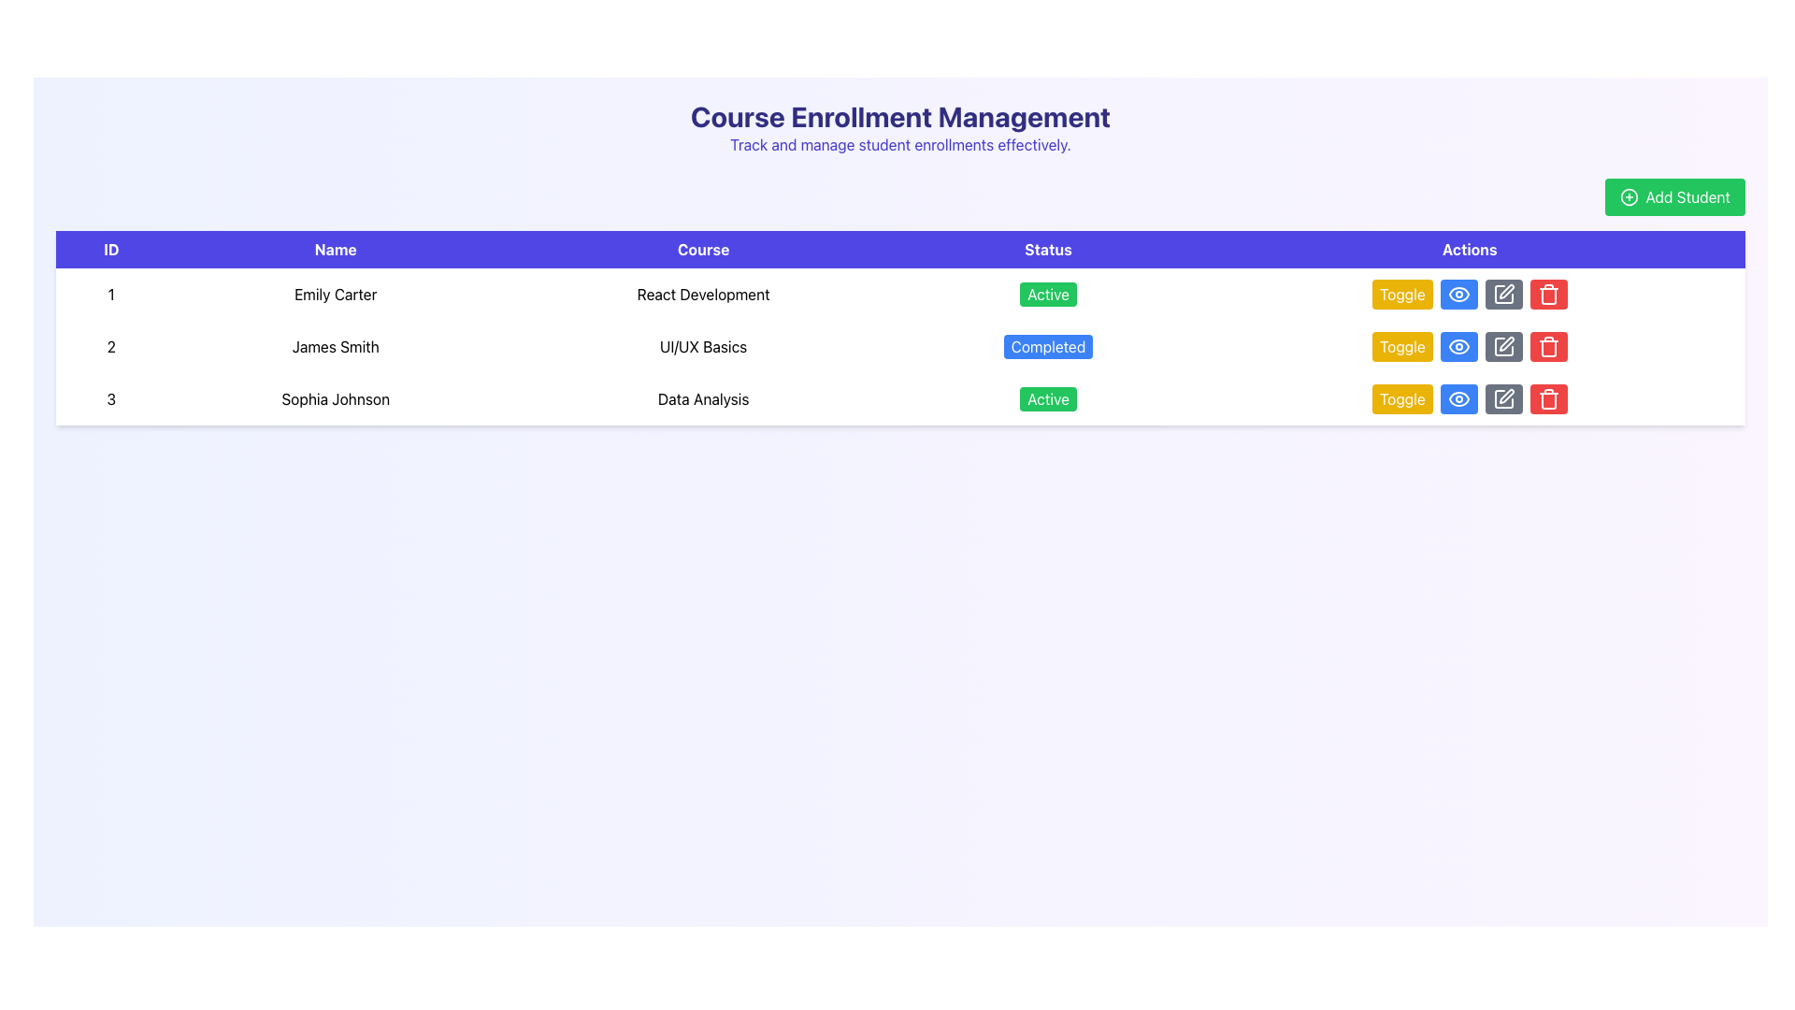  I want to click on the yellow button labeled 'Toggle' in the 'Actions' column of the last row associated with 'Sophia Johnson' and 'Data Analysis', so click(1469, 398).